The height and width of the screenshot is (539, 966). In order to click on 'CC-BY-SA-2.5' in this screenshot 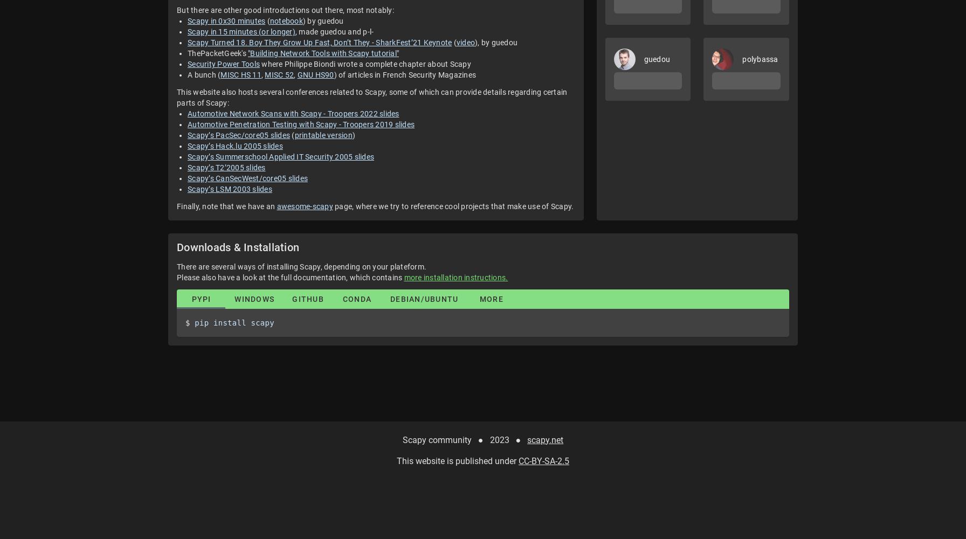, I will do `click(544, 460)`.